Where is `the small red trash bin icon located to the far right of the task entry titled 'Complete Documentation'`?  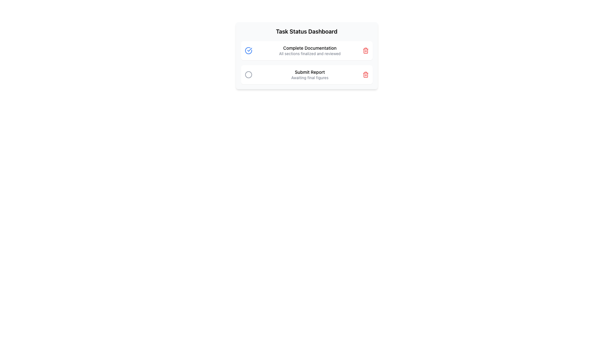 the small red trash bin icon located to the far right of the task entry titled 'Complete Documentation' is located at coordinates (365, 50).